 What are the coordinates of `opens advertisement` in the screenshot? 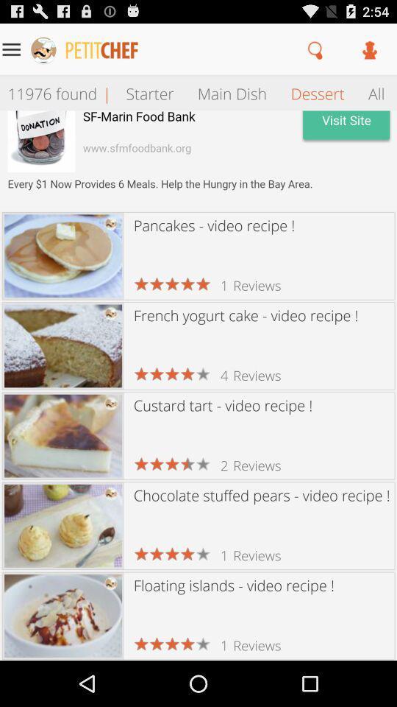 It's located at (198, 161).